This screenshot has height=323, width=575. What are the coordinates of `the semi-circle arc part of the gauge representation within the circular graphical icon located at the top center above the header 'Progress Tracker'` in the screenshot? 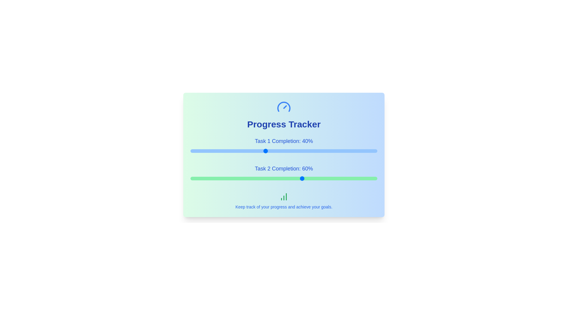 It's located at (284, 106).